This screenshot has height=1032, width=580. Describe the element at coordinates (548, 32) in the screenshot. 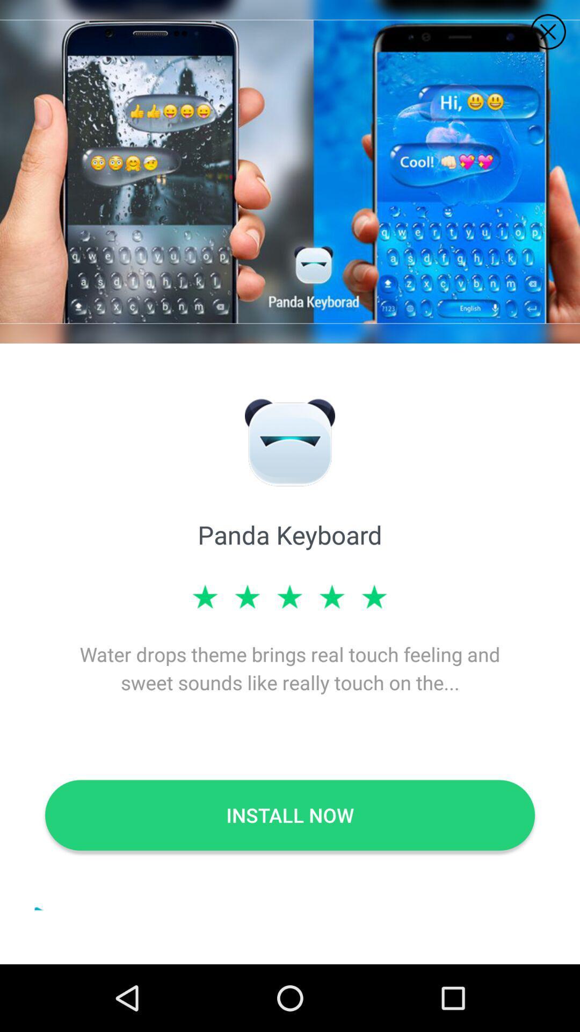

I see `the close icon` at that location.